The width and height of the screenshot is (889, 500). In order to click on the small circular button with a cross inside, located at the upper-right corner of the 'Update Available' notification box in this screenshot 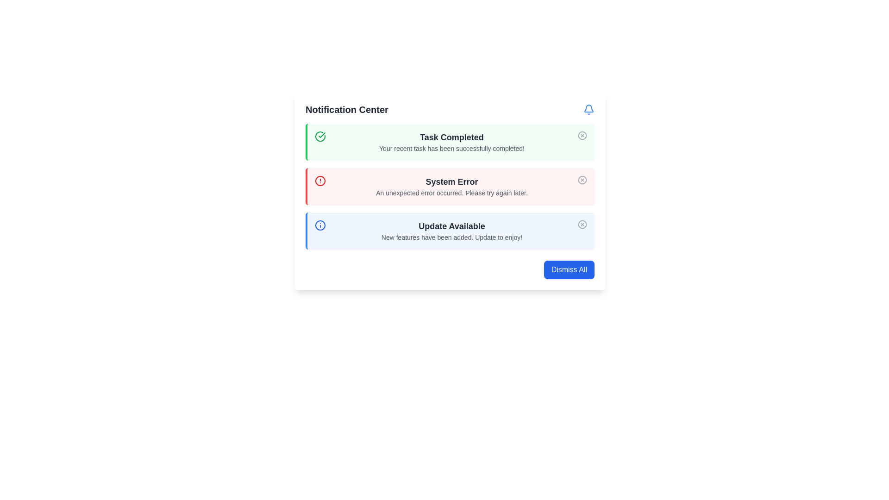, I will do `click(582, 225)`.